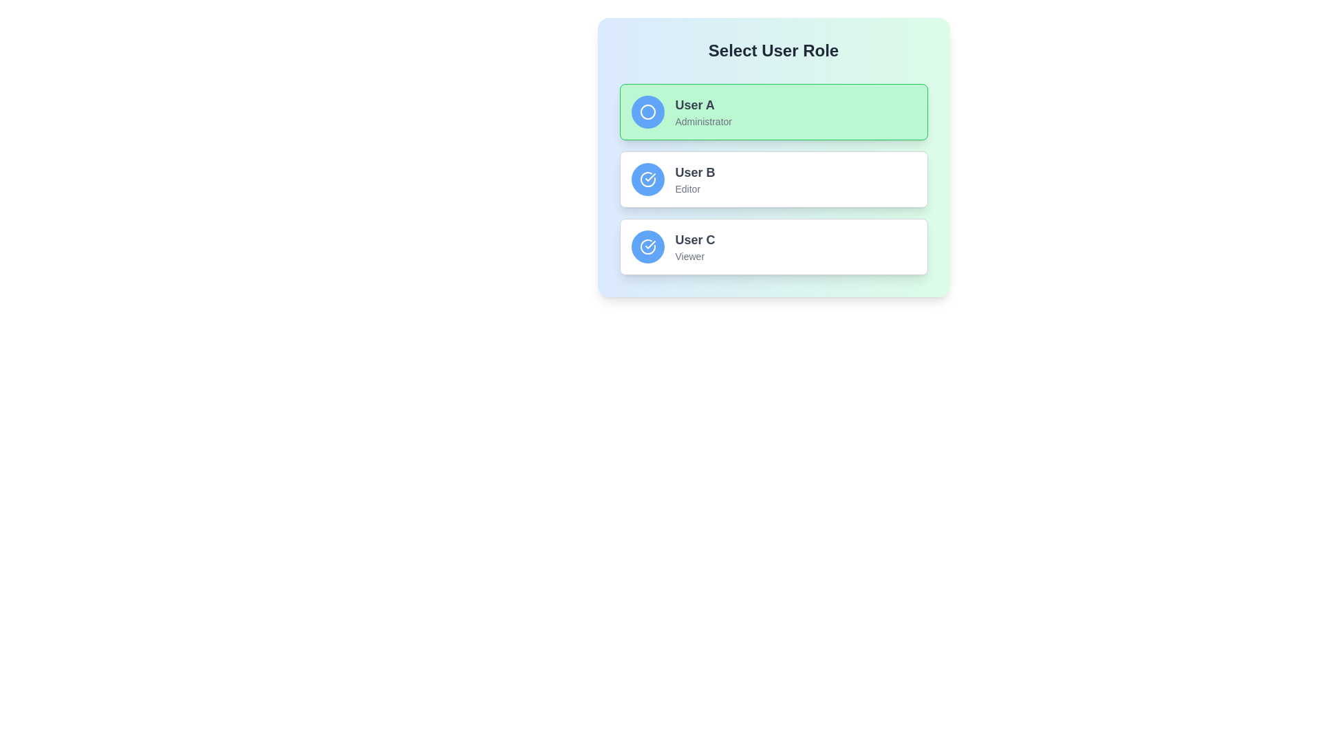 This screenshot has width=1321, height=743. Describe the element at coordinates (773, 50) in the screenshot. I see `the bold, centered title 'Select User Role' displayed in a large font on a light-colored gradient background` at that location.